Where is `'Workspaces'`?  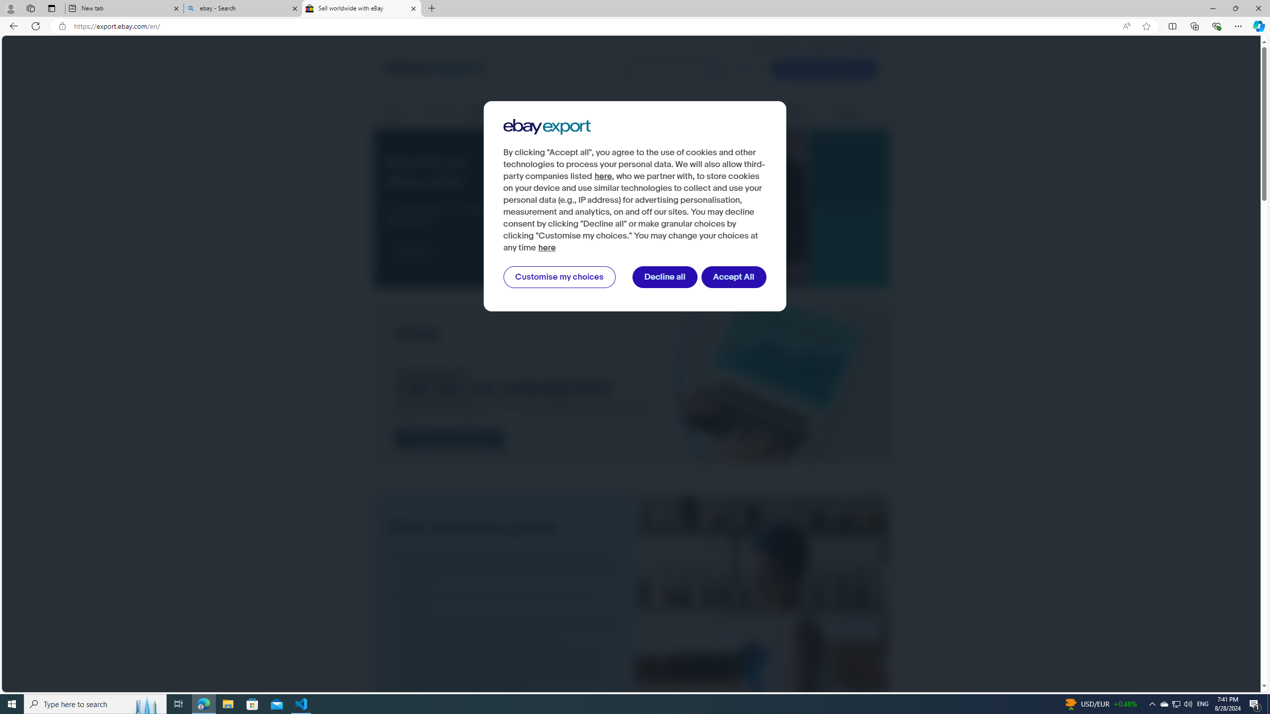 'Workspaces' is located at coordinates (30, 8).